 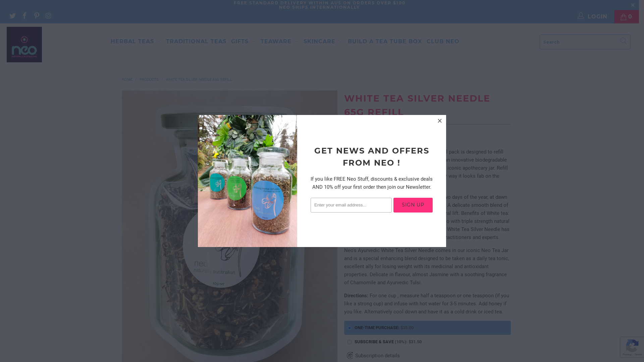 What do you see at coordinates (198, 79) in the screenshot?
I see `'WHITE TEA SILVER NEEDLE 65G REFILL'` at bounding box center [198, 79].